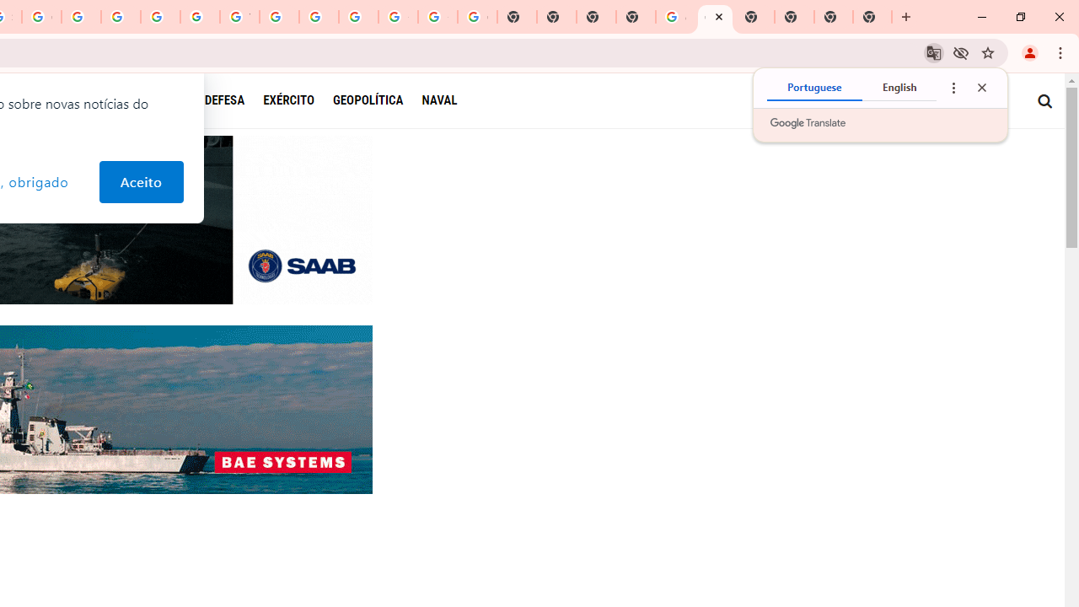  I want to click on 'Aceito', so click(141, 182).